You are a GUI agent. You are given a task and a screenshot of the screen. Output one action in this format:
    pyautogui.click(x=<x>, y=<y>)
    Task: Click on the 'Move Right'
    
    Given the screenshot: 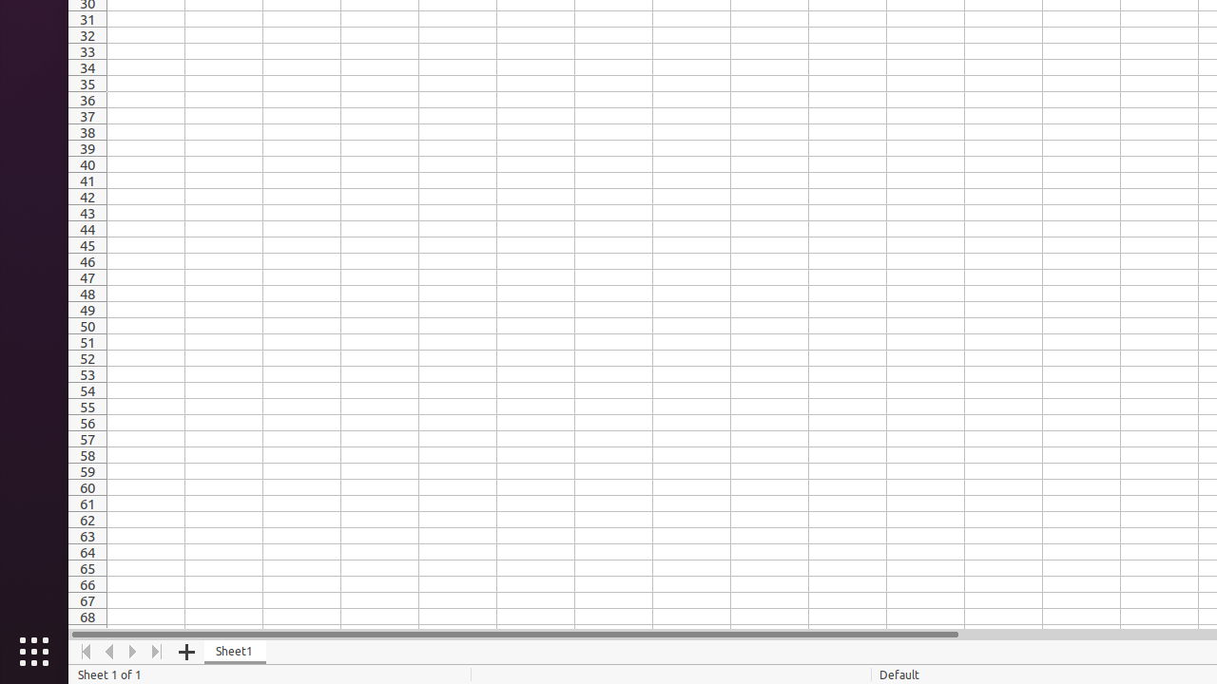 What is the action you would take?
    pyautogui.click(x=132, y=651)
    